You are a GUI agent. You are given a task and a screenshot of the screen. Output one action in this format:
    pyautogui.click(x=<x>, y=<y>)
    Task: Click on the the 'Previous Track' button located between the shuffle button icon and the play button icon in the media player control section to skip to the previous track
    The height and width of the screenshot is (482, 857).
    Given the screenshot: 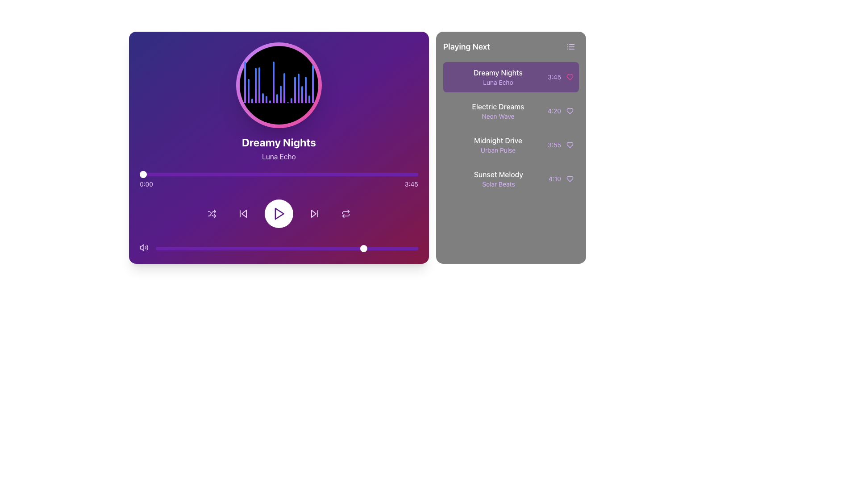 What is the action you would take?
    pyautogui.click(x=243, y=213)
    